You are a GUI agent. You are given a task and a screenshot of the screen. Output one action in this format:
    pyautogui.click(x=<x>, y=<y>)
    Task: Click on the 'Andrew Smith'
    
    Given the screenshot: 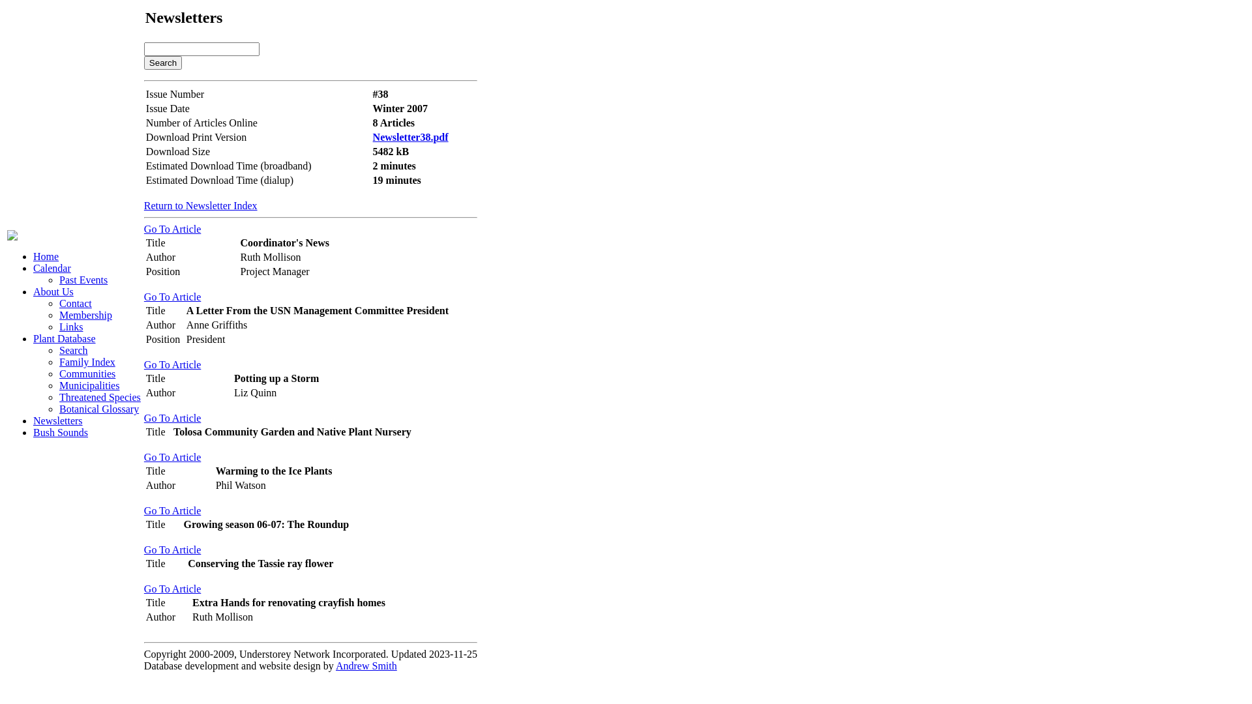 What is the action you would take?
    pyautogui.click(x=365, y=666)
    